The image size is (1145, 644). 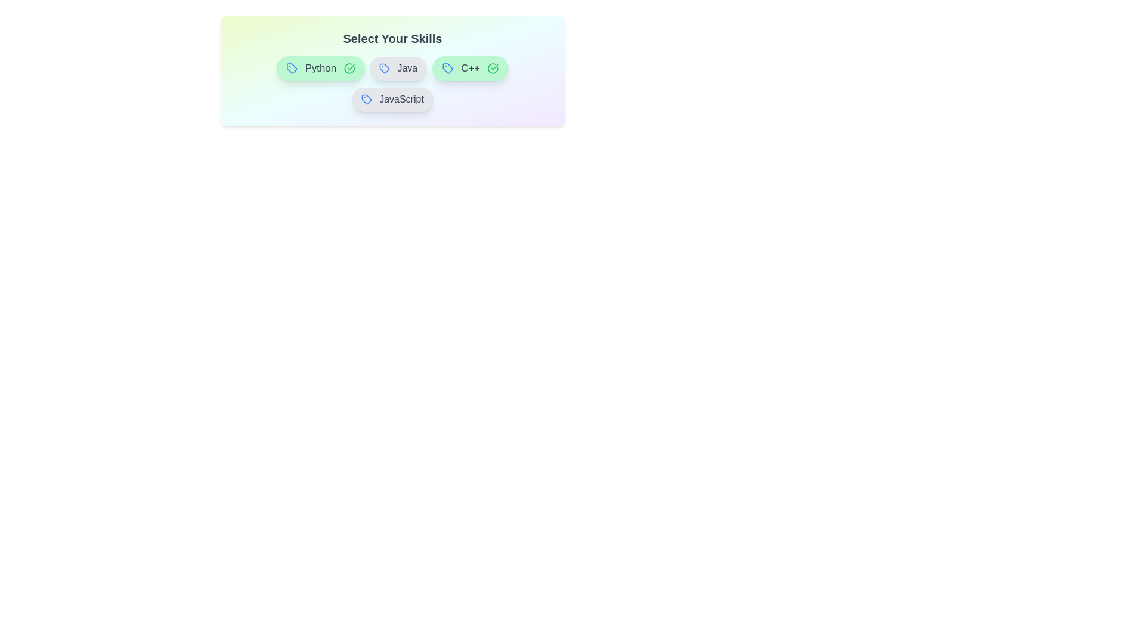 What do you see at coordinates (320, 69) in the screenshot?
I see `the skill badge labeled Python` at bounding box center [320, 69].